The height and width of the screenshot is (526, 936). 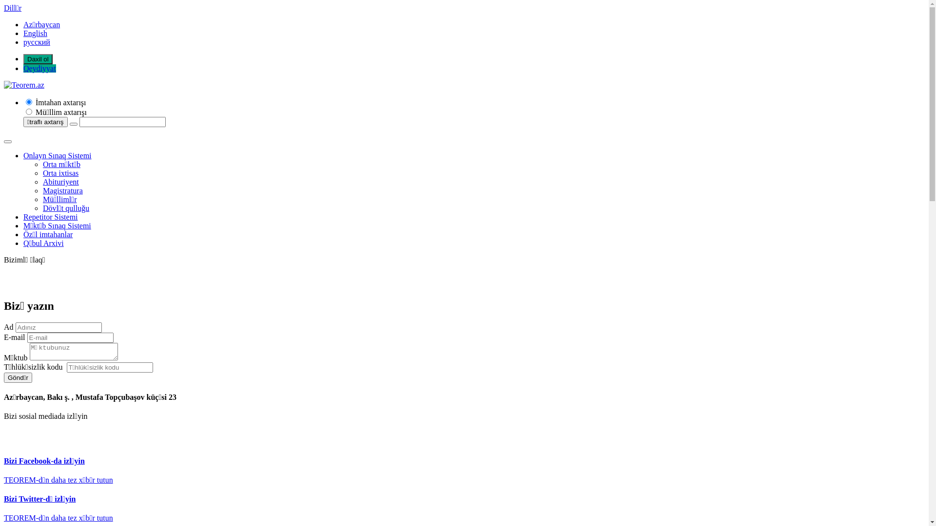 What do you see at coordinates (50, 216) in the screenshot?
I see `'Repetitor Sistemi'` at bounding box center [50, 216].